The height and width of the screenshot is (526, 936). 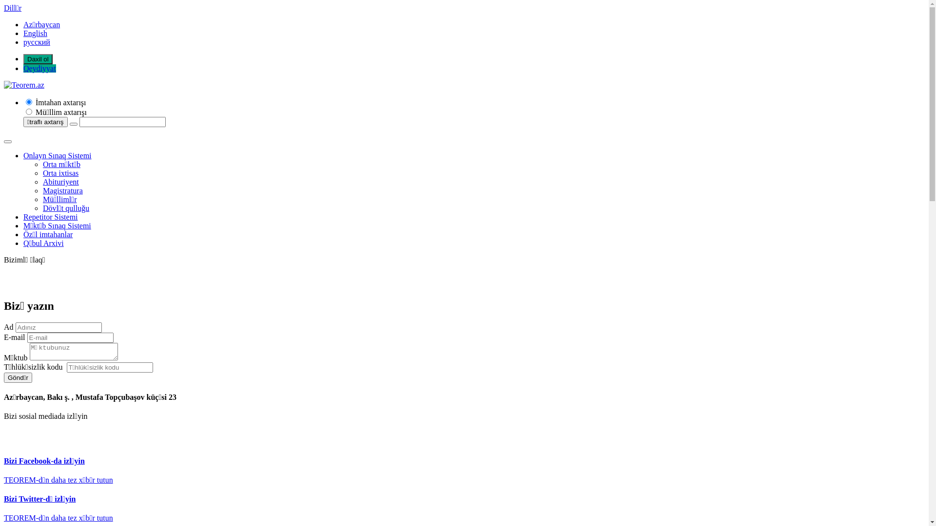 What do you see at coordinates (50, 216) in the screenshot?
I see `'Repetitor Sistemi'` at bounding box center [50, 216].